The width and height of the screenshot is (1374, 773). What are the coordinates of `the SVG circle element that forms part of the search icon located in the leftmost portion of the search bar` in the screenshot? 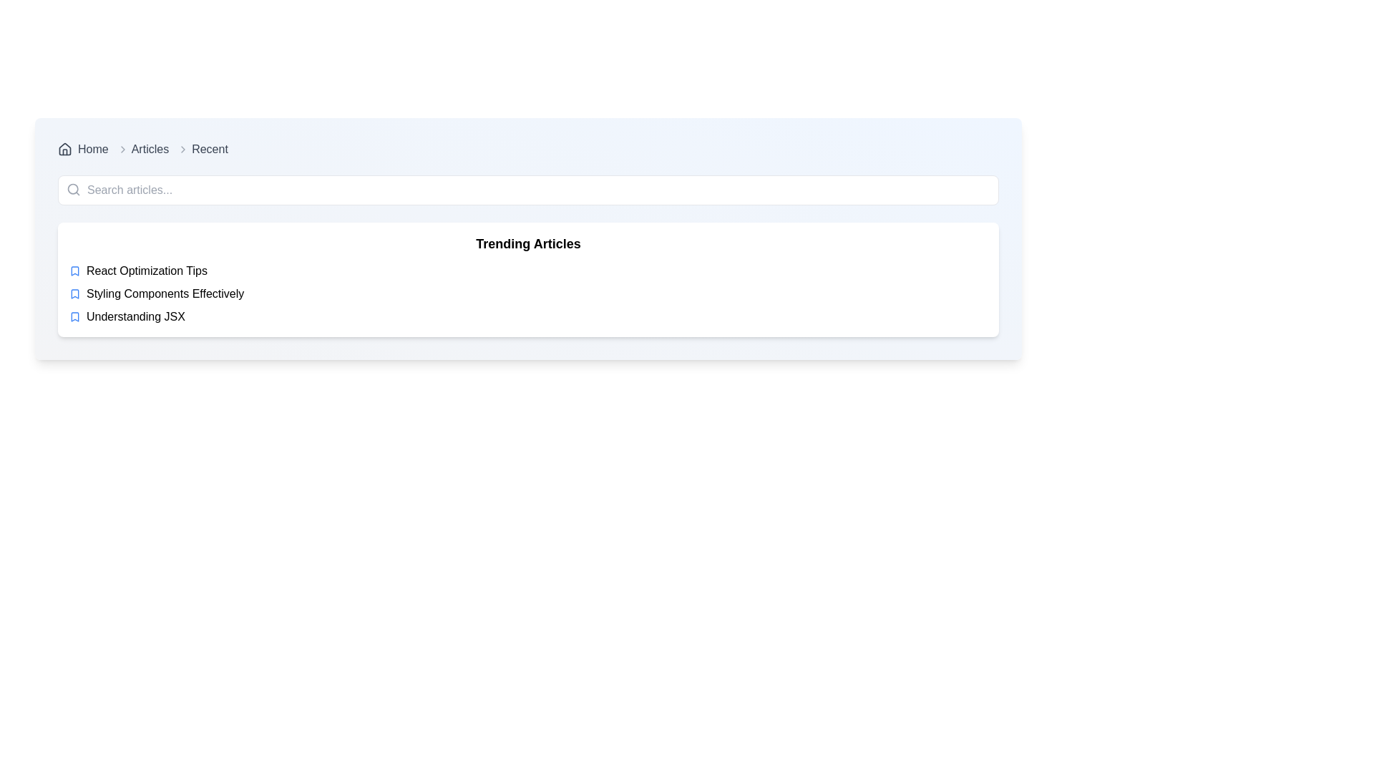 It's located at (72, 188).